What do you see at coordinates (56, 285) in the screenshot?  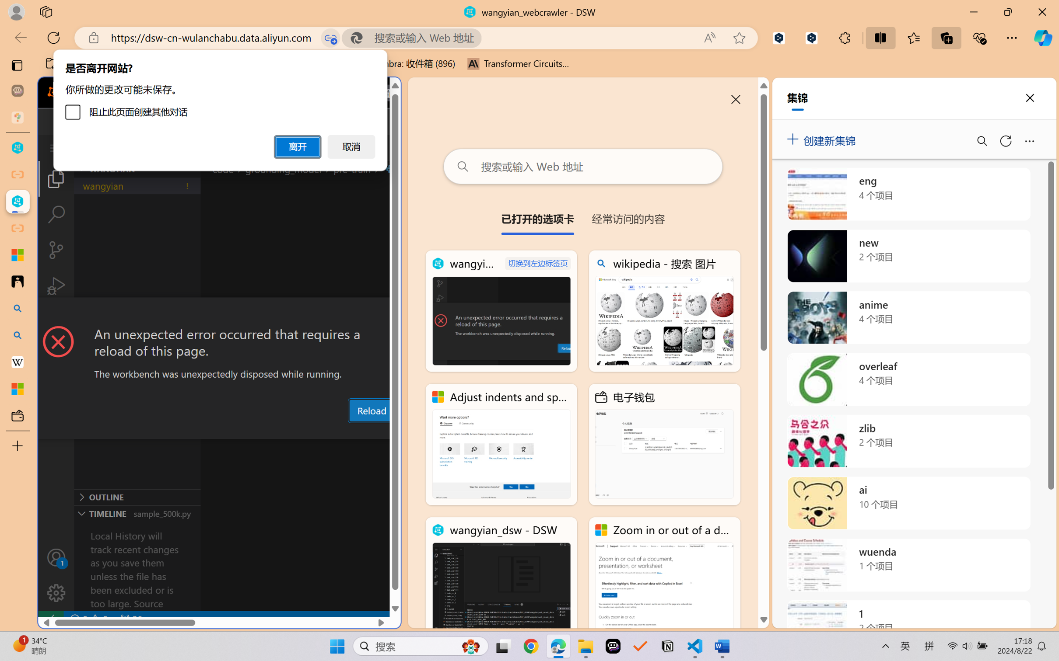 I see `'Run and Debug (Ctrl+Shift+D)'` at bounding box center [56, 285].